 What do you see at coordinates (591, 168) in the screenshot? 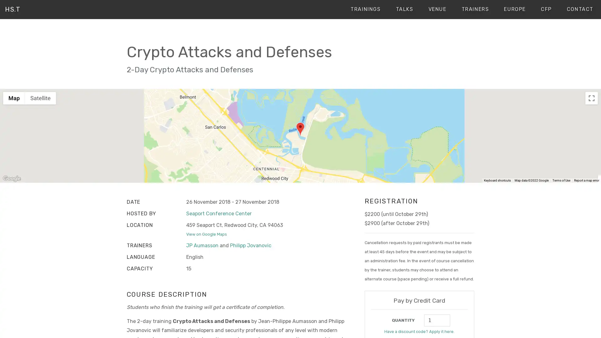
I see `Zoom out` at bounding box center [591, 168].